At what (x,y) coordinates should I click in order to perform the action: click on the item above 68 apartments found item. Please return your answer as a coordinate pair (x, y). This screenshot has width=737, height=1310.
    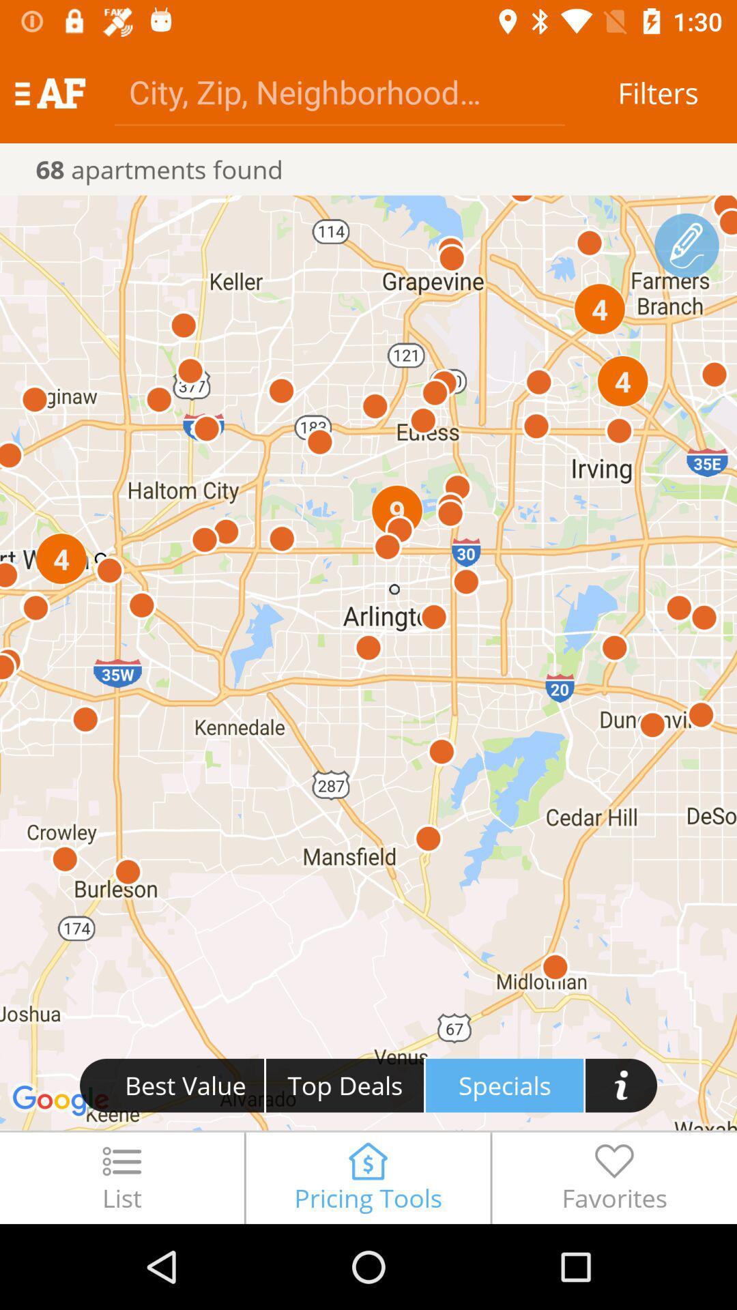
    Looking at the image, I should click on (338, 91).